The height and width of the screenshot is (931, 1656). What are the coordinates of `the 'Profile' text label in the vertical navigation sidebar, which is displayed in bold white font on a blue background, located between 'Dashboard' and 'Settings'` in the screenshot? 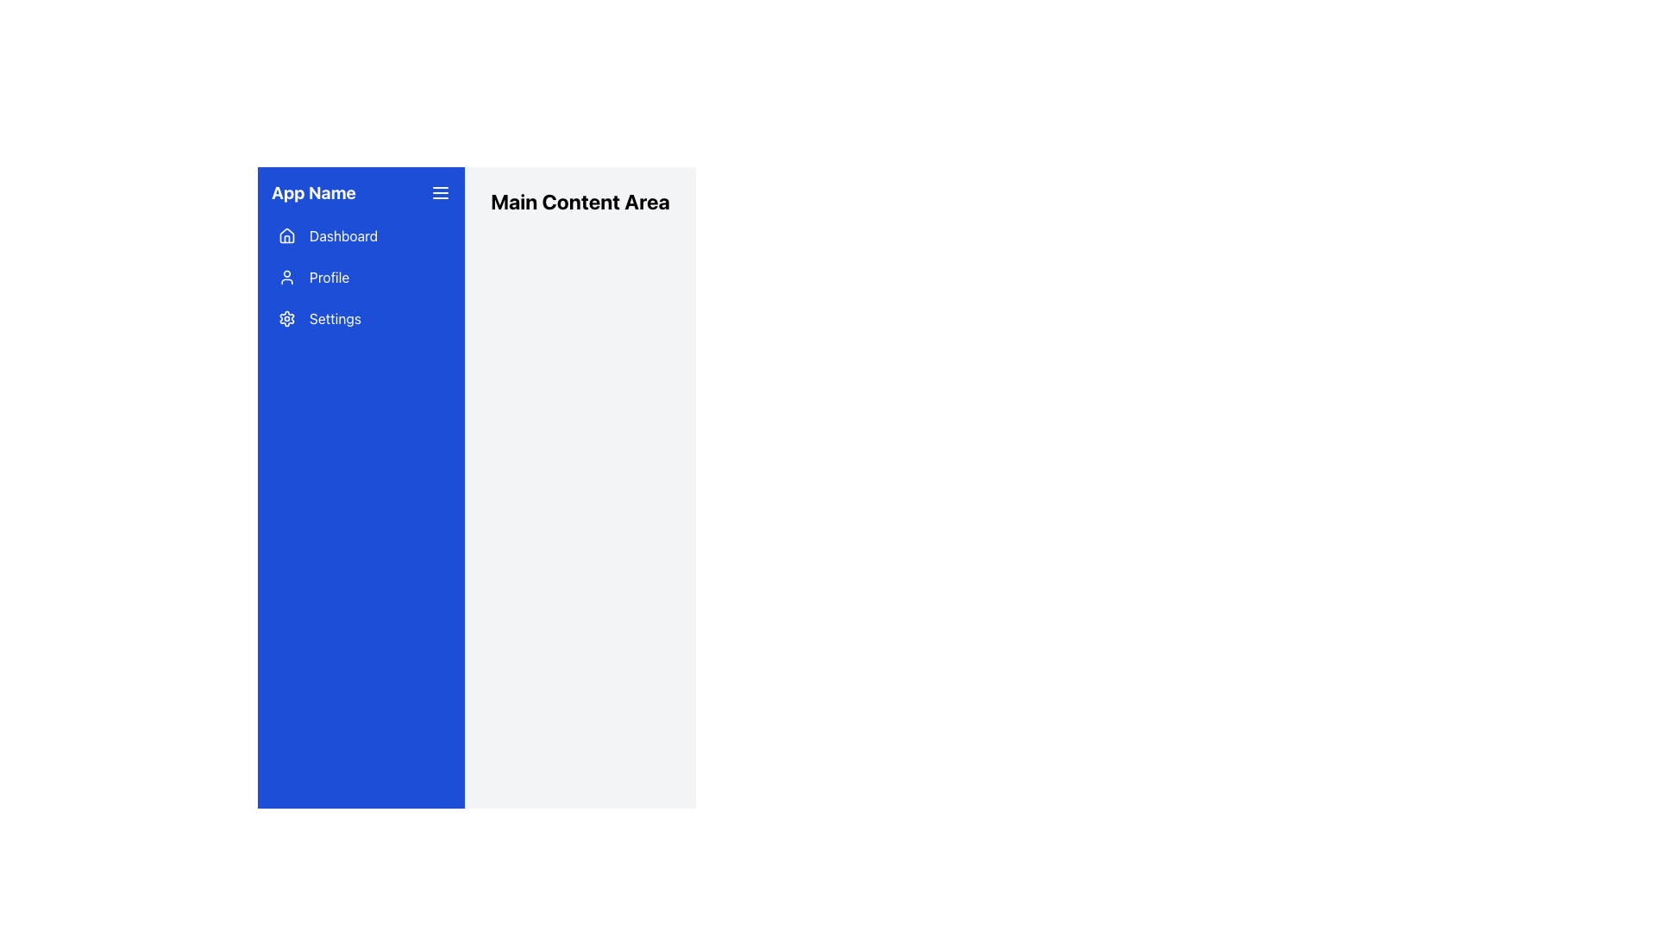 It's located at (329, 276).